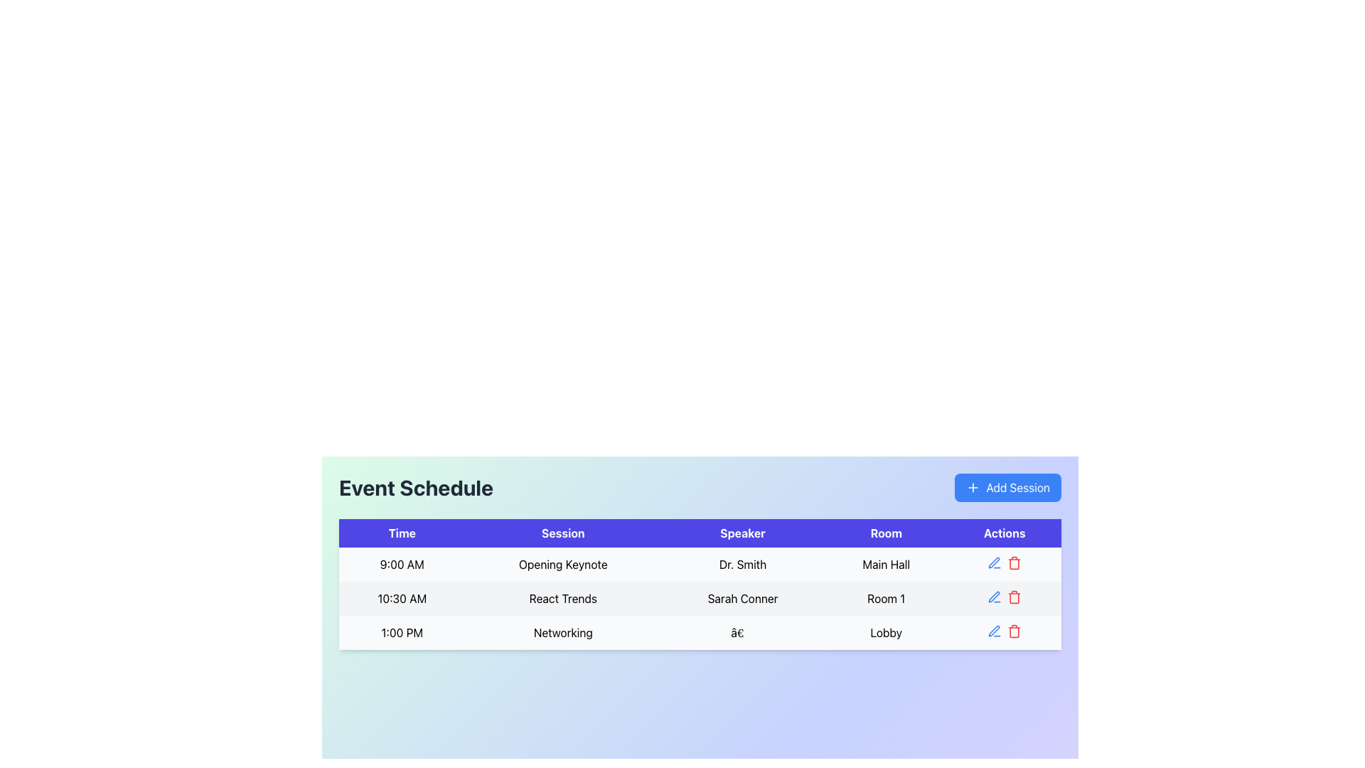  I want to click on the static text component displaying the scheduled time for the 'React Trends' event, located in the first column of the second row under the 'Time' header, so click(401, 598).